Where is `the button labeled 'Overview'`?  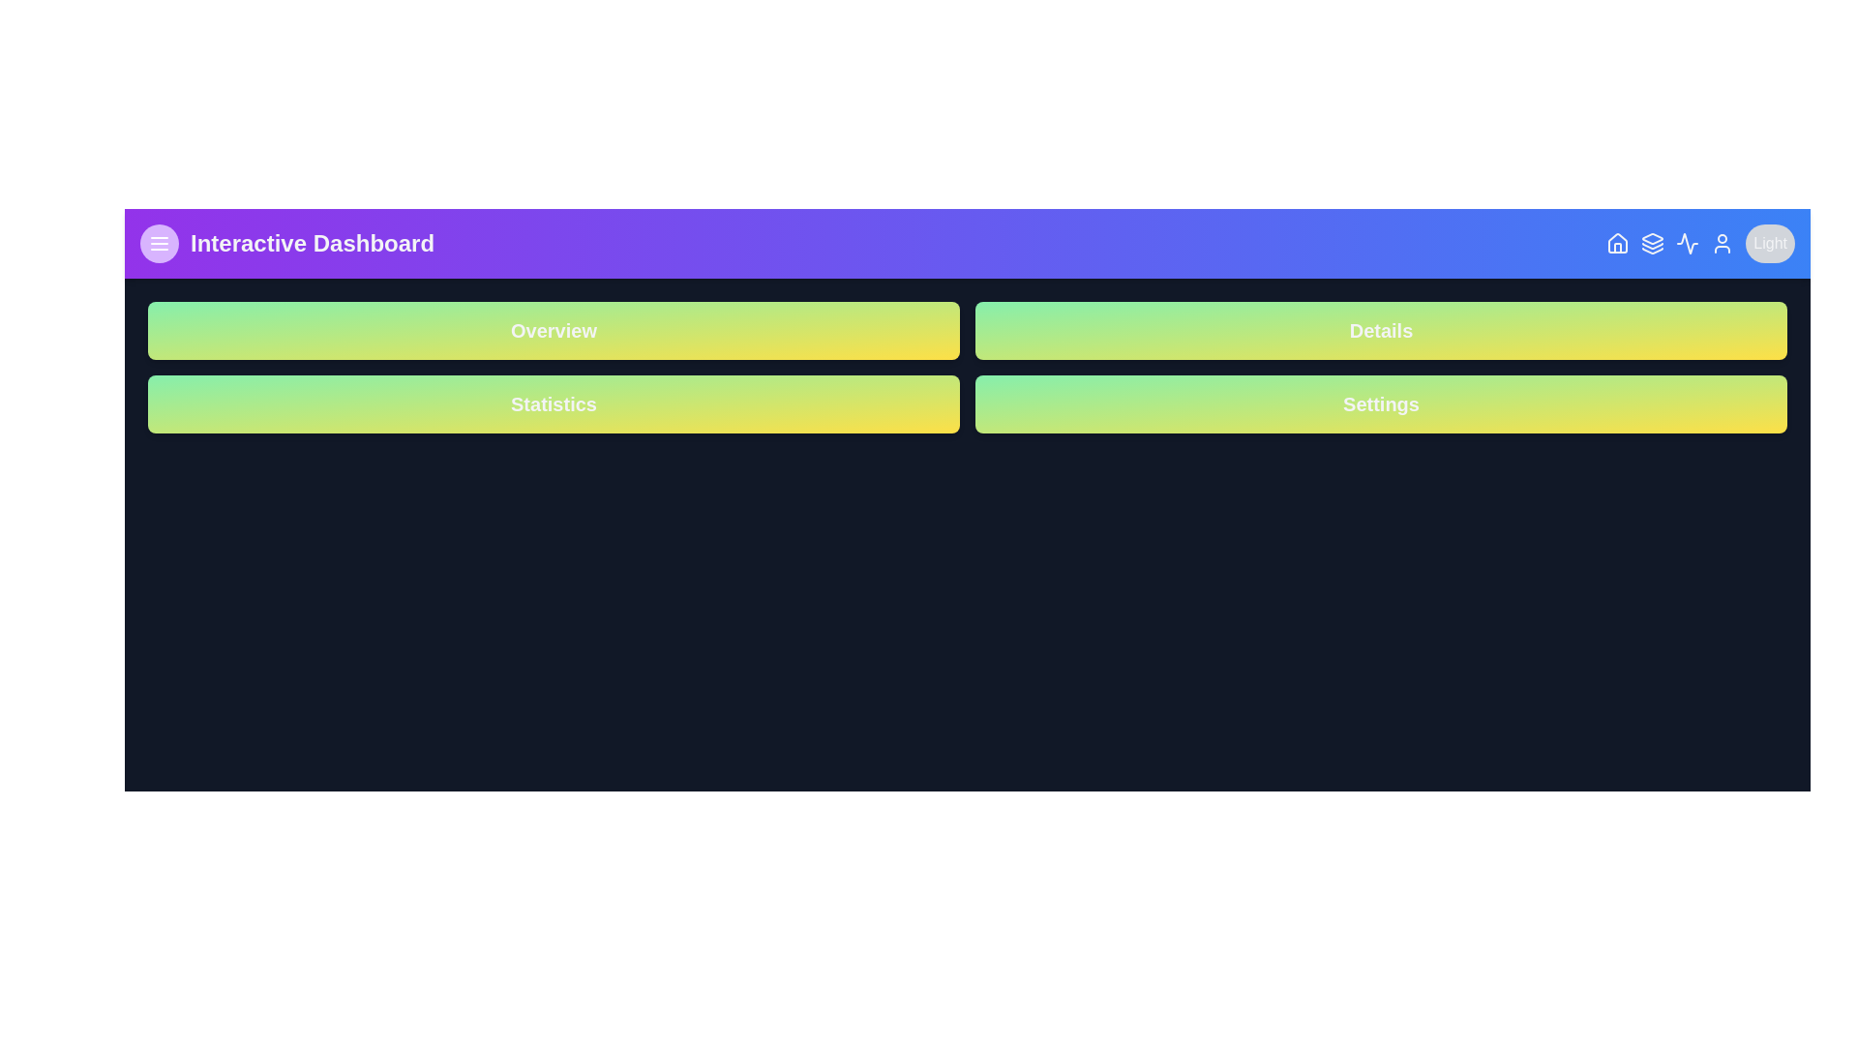 the button labeled 'Overview' is located at coordinates (553, 330).